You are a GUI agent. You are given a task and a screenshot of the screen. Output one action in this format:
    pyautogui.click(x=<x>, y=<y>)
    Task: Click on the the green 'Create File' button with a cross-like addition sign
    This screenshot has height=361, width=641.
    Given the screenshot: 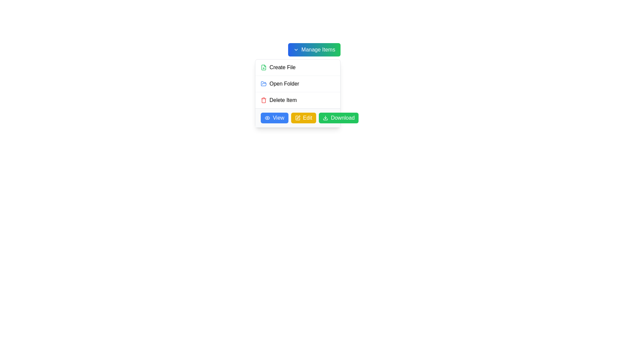 What is the action you would take?
    pyautogui.click(x=297, y=67)
    